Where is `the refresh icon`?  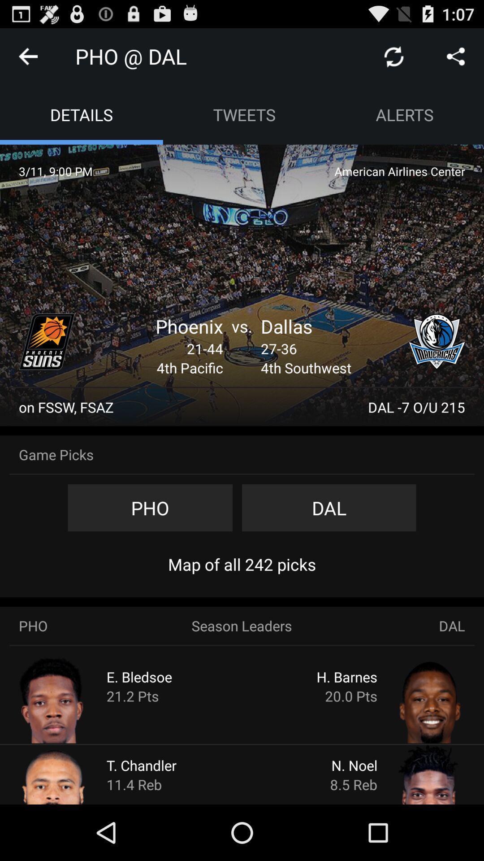
the refresh icon is located at coordinates (393, 60).